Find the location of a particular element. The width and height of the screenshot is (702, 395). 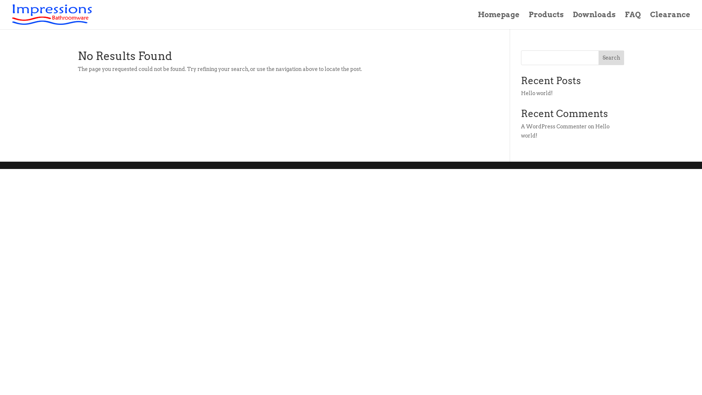

'Products' is located at coordinates (528, 20).